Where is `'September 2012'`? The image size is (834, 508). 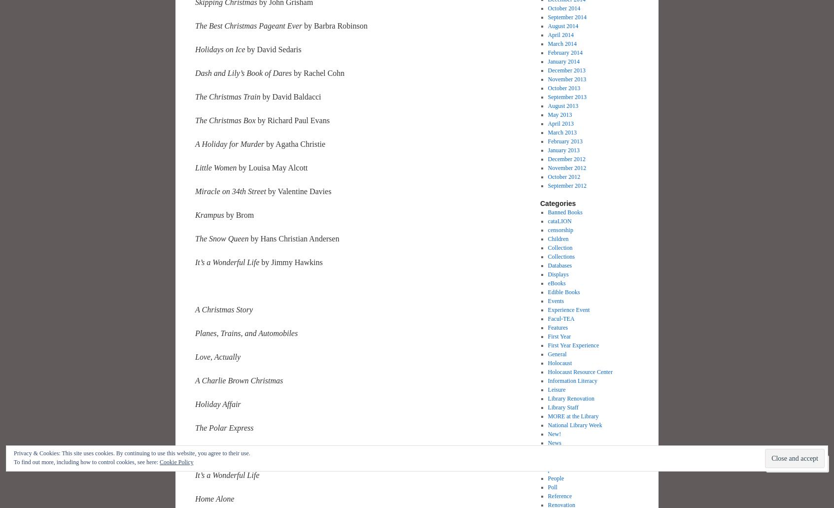 'September 2012' is located at coordinates (566, 185).